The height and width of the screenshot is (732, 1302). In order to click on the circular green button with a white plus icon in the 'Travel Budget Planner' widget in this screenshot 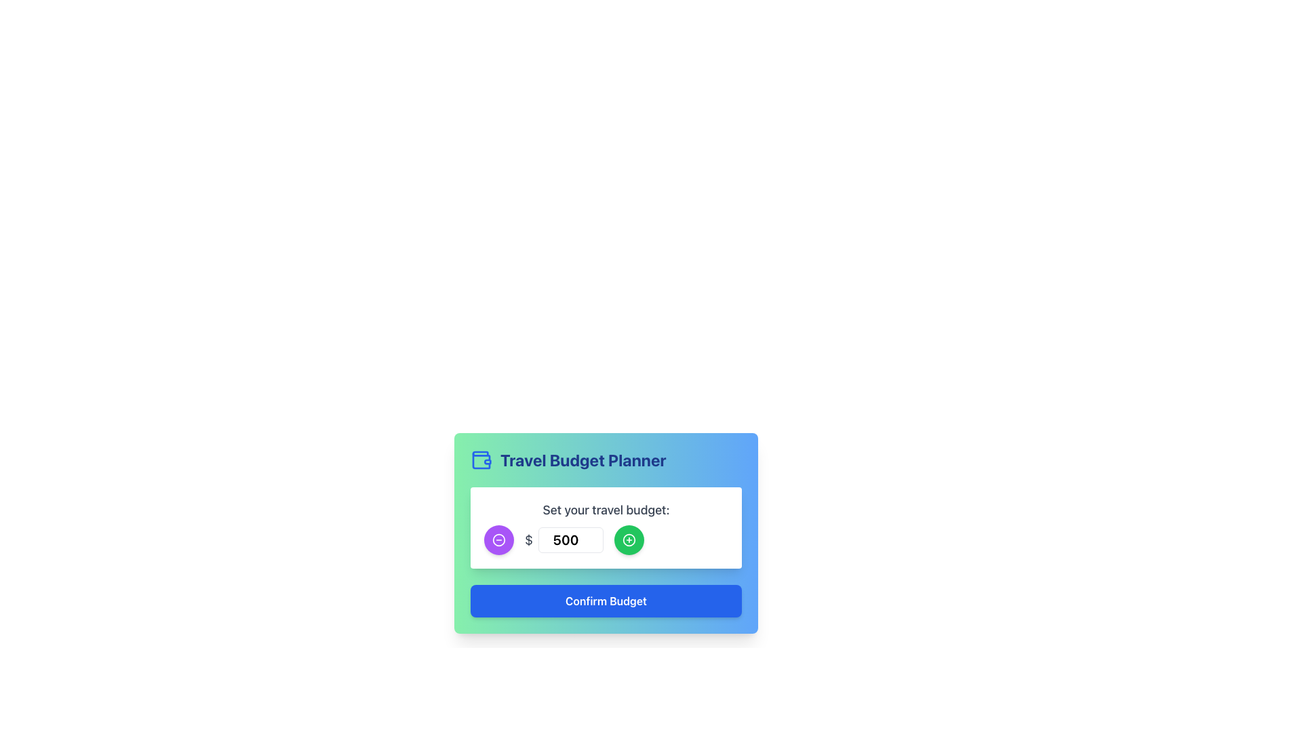, I will do `click(628, 540)`.